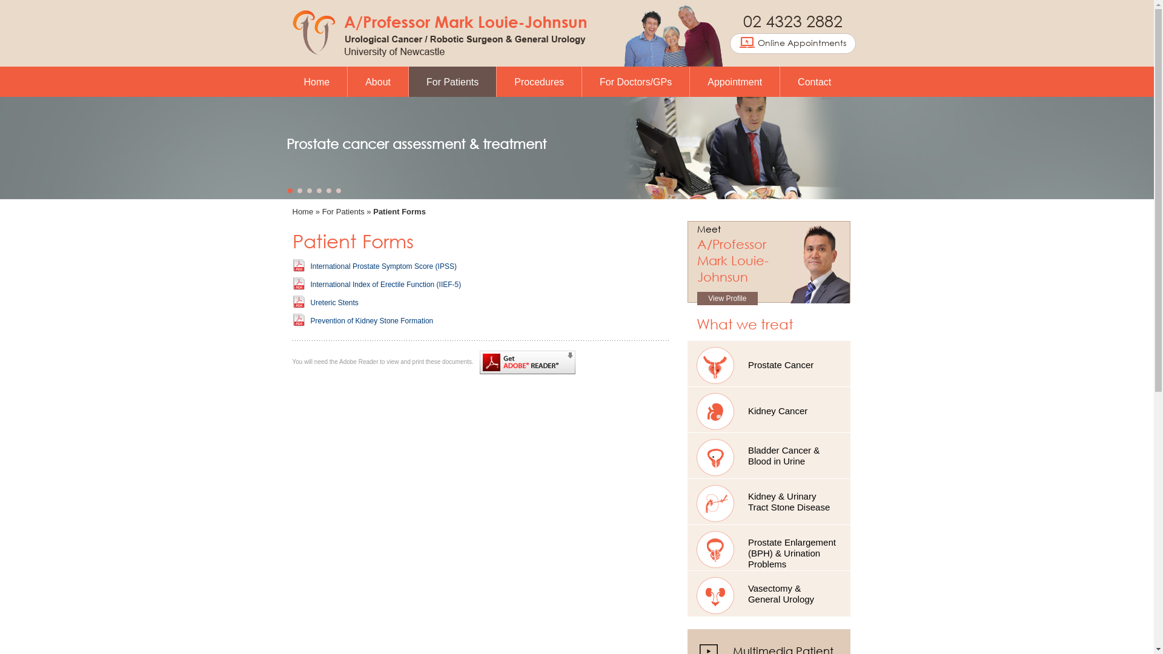 This screenshot has height=654, width=1163. What do you see at coordinates (768, 547) in the screenshot?
I see `'Prostate Enlargement` at bounding box center [768, 547].